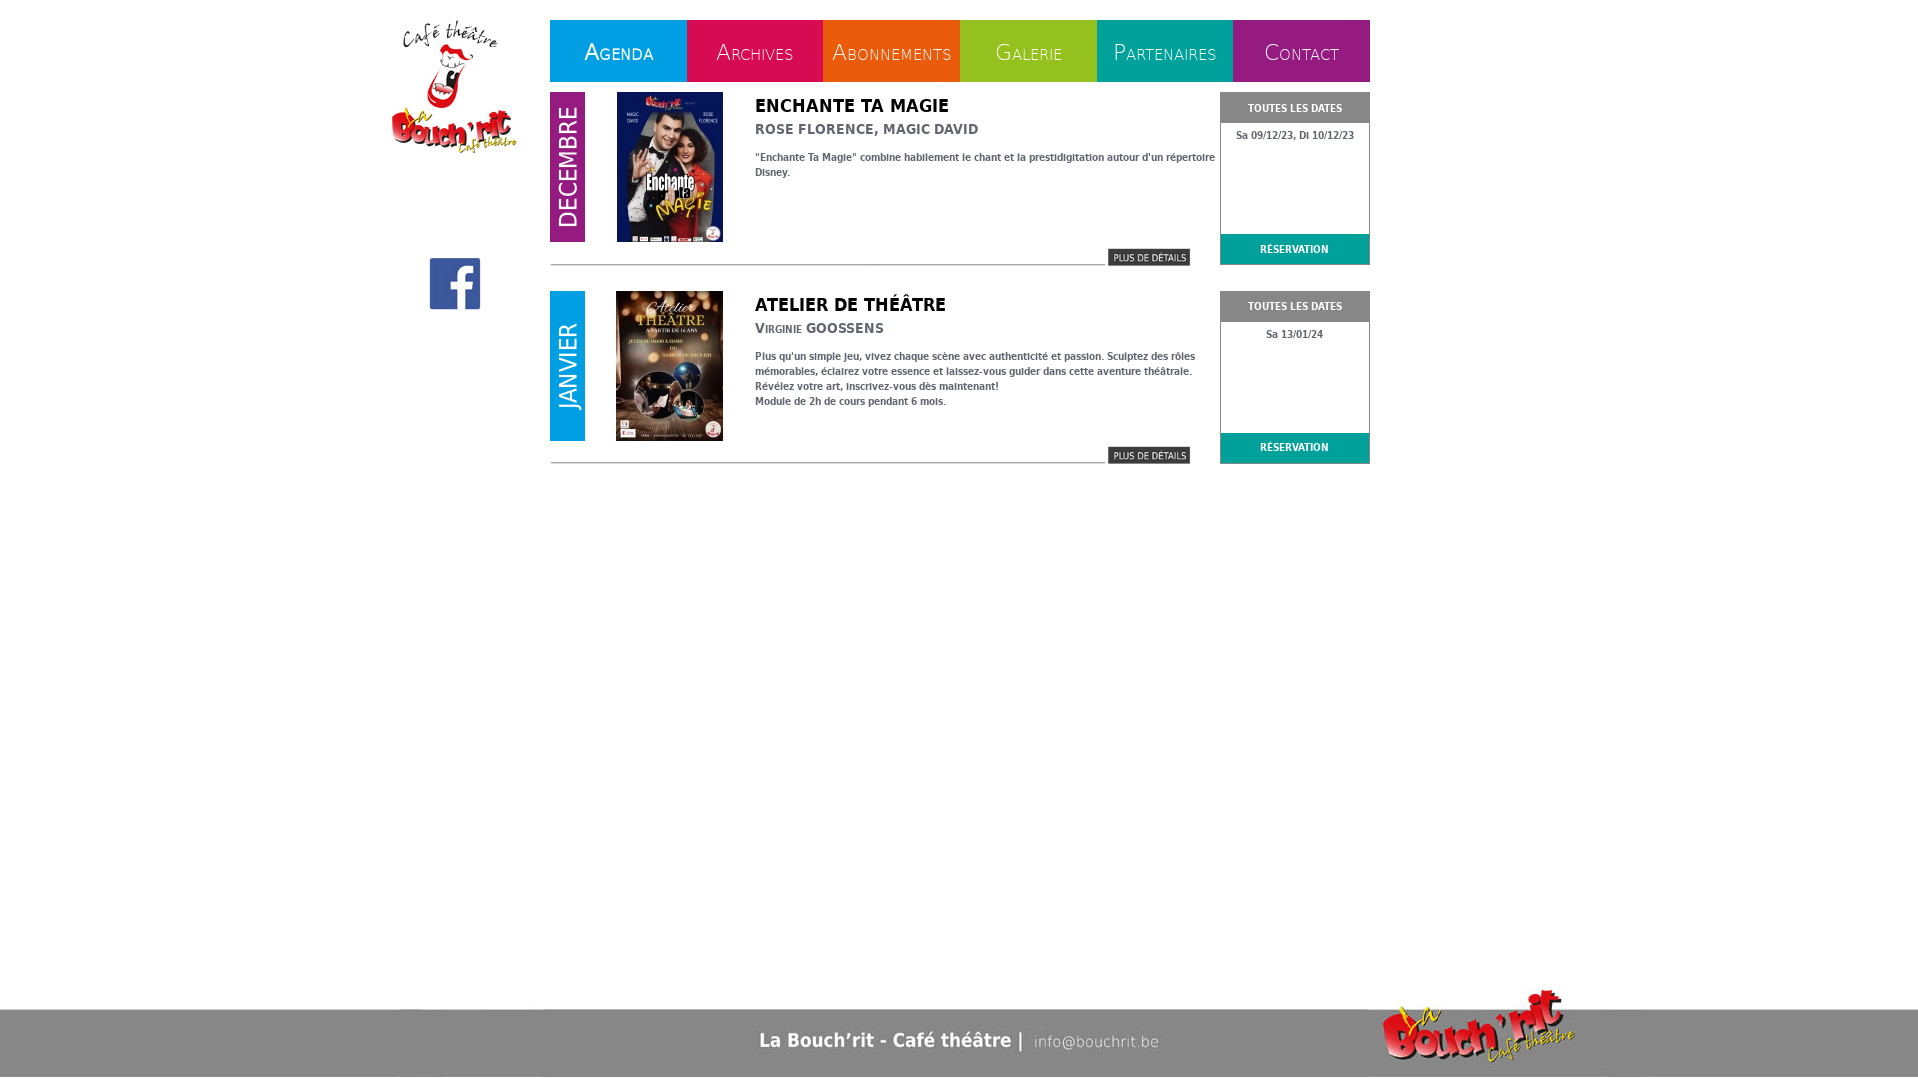  What do you see at coordinates (753, 49) in the screenshot?
I see `'Archives'` at bounding box center [753, 49].